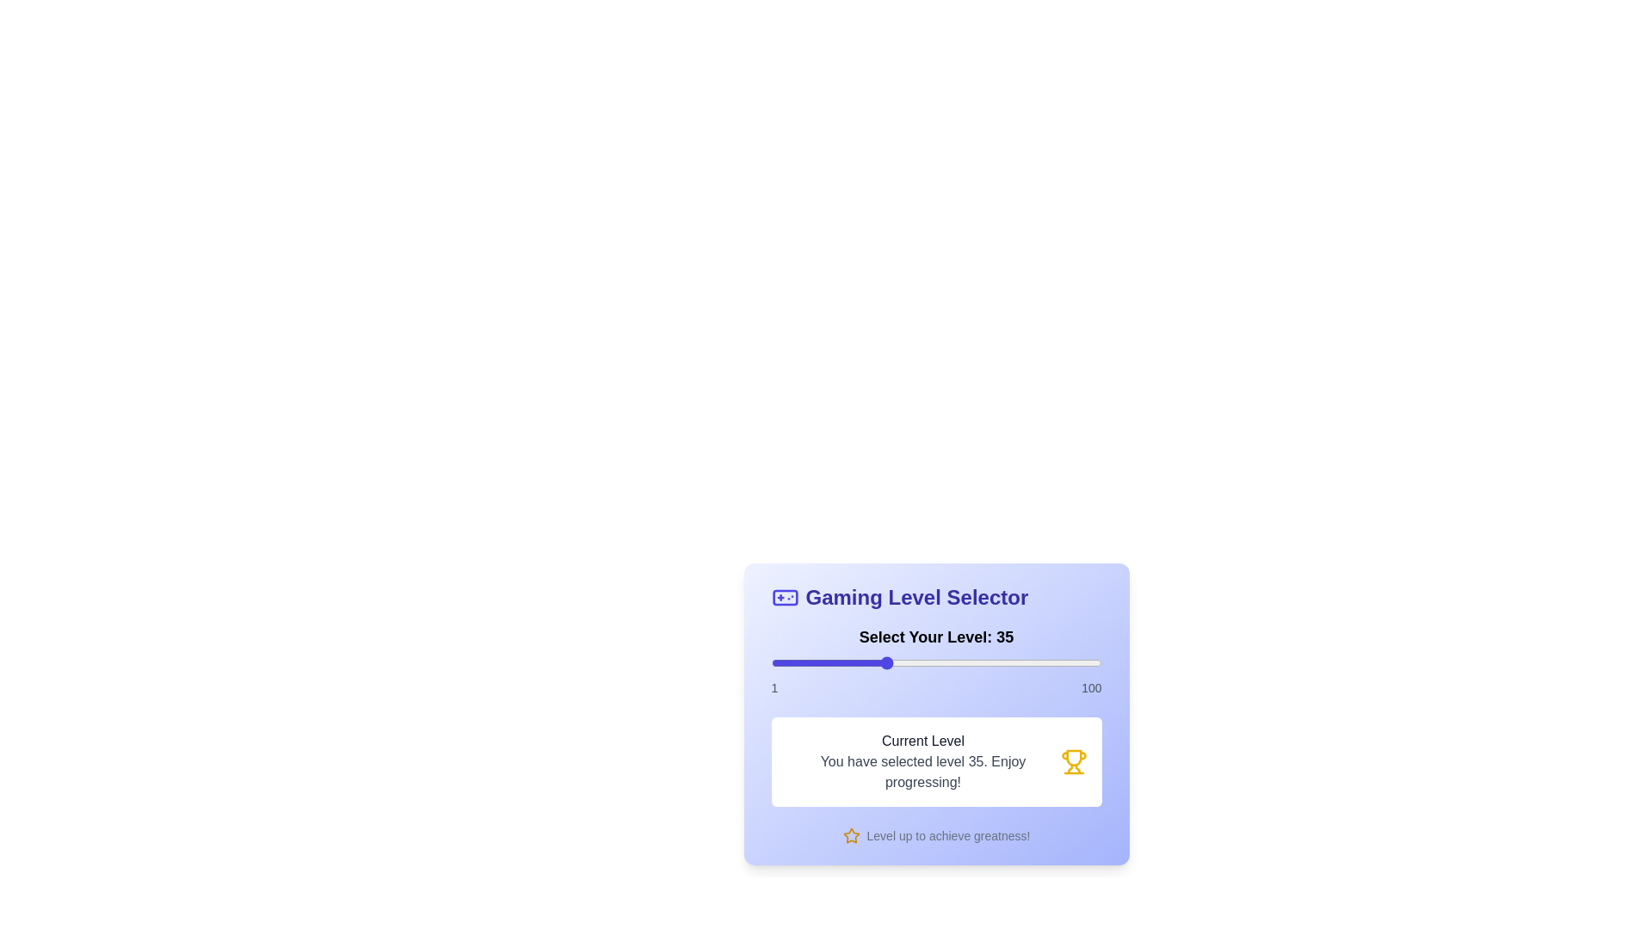 Image resolution: width=1652 pixels, height=929 pixels. I want to click on the gaming level, so click(1077, 662).